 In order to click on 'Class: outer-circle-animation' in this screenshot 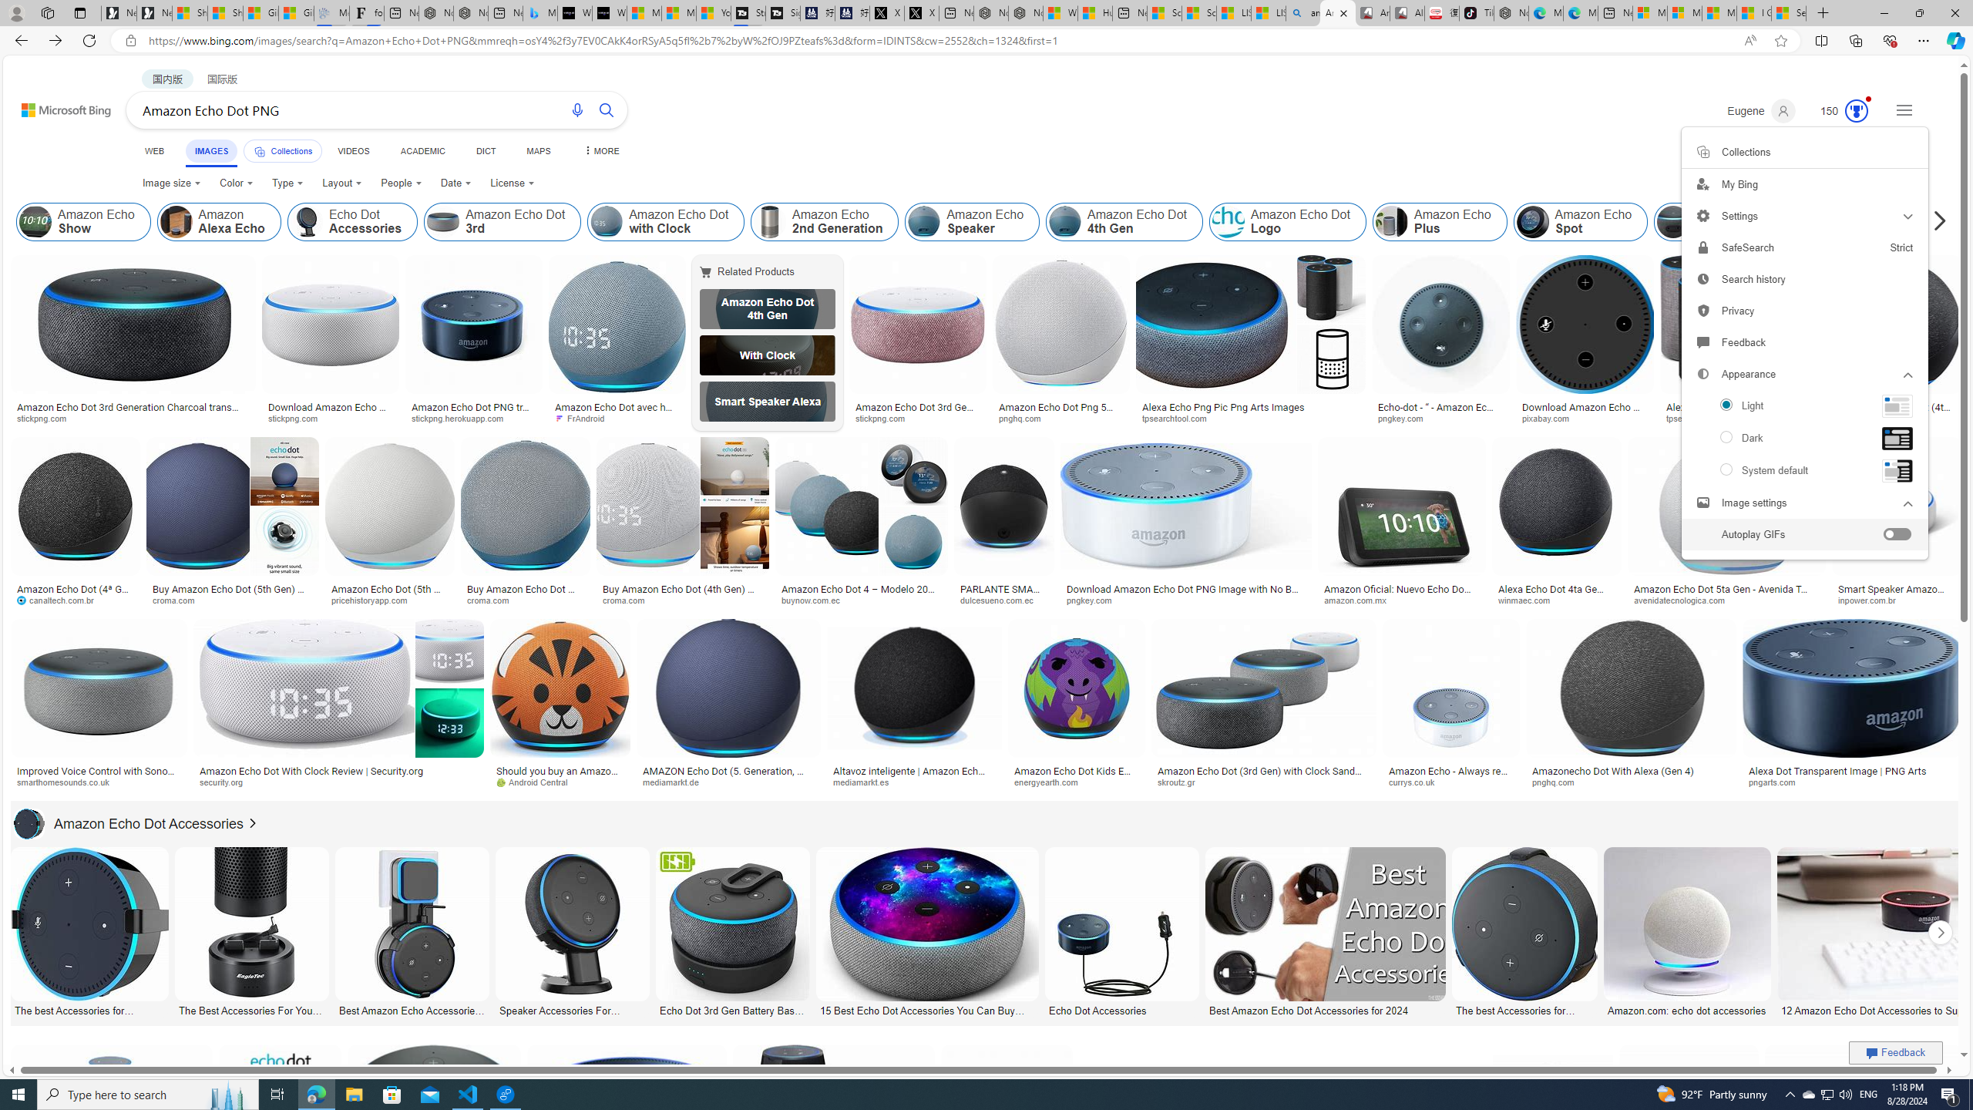, I will do `click(1856, 110)`.